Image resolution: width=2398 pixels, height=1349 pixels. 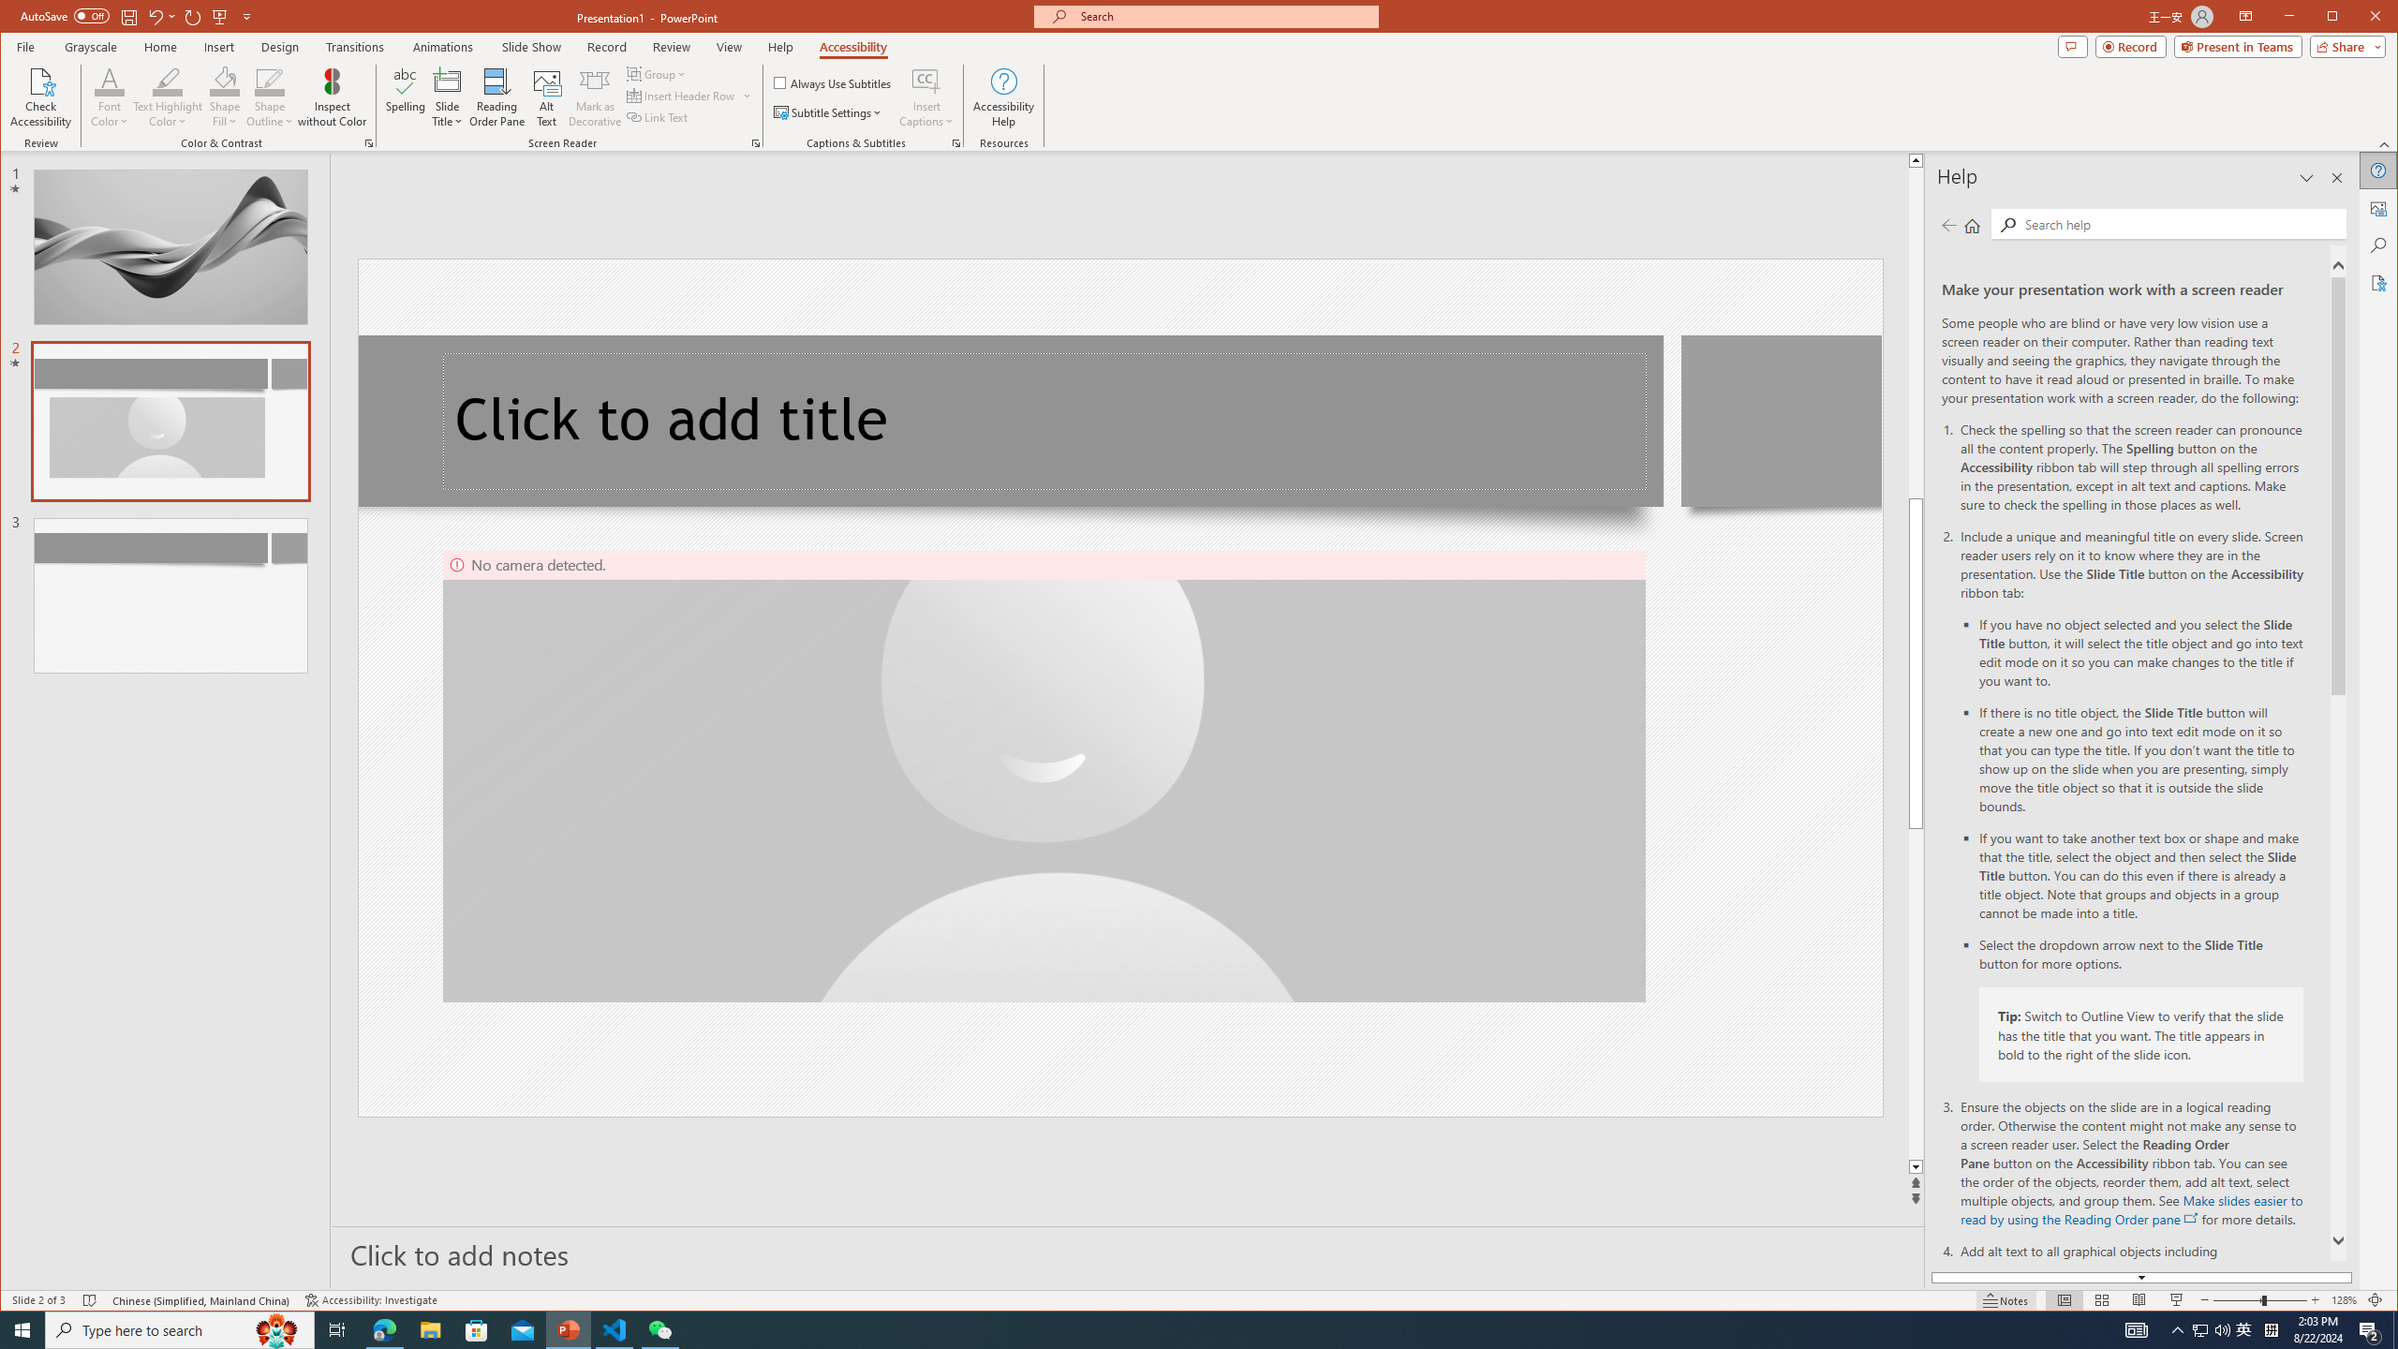 I want to click on 'Spelling...', so click(x=405, y=96).